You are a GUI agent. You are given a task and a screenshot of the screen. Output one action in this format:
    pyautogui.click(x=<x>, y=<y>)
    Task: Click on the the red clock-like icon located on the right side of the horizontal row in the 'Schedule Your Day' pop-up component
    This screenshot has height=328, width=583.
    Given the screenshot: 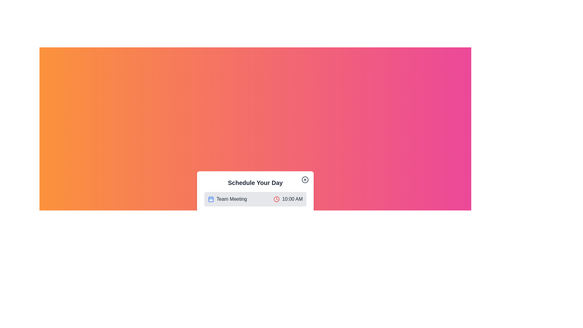 What is the action you would take?
    pyautogui.click(x=276, y=199)
    